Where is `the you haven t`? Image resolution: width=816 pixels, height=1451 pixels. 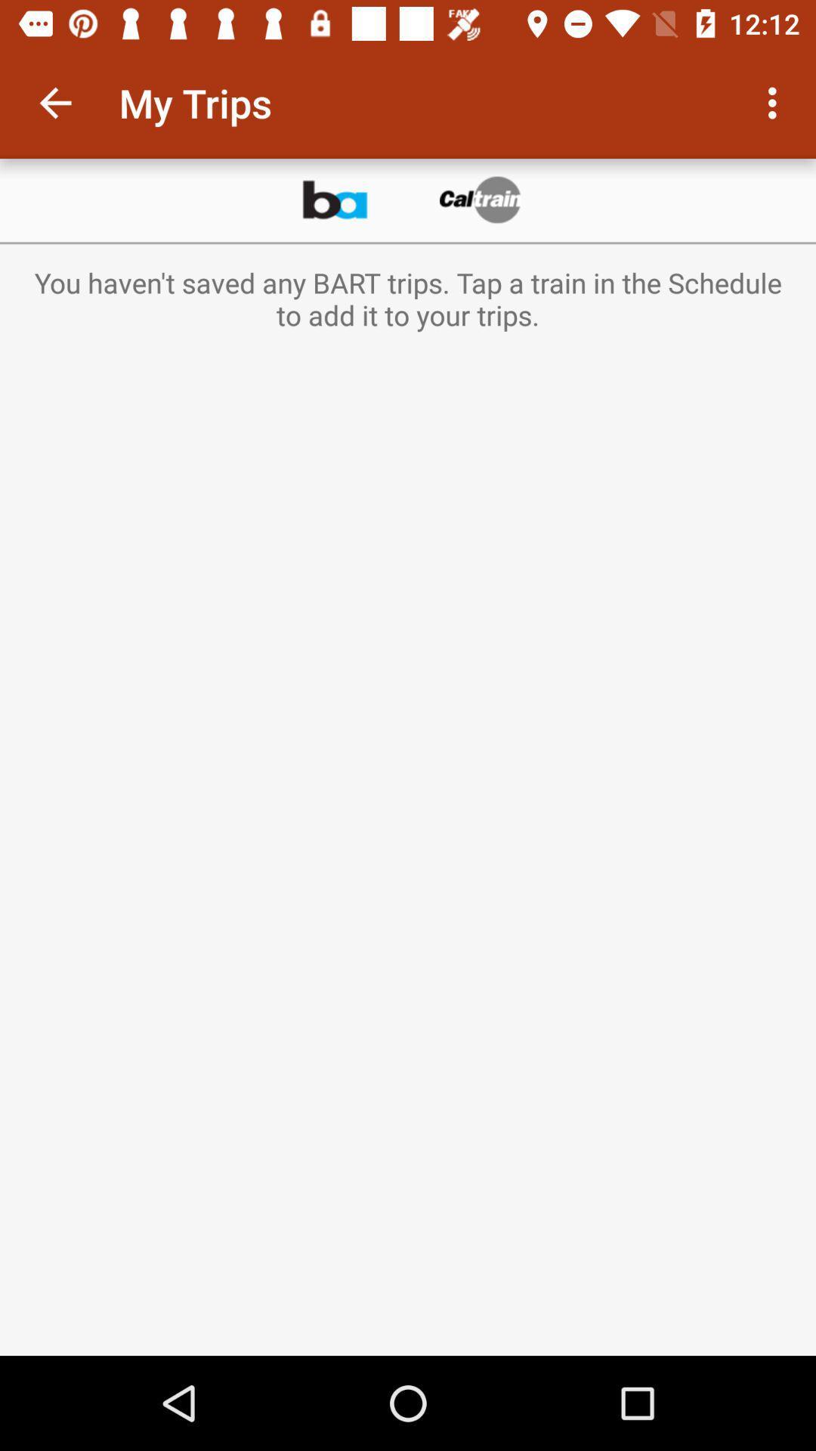 the you haven t is located at coordinates (408, 299).